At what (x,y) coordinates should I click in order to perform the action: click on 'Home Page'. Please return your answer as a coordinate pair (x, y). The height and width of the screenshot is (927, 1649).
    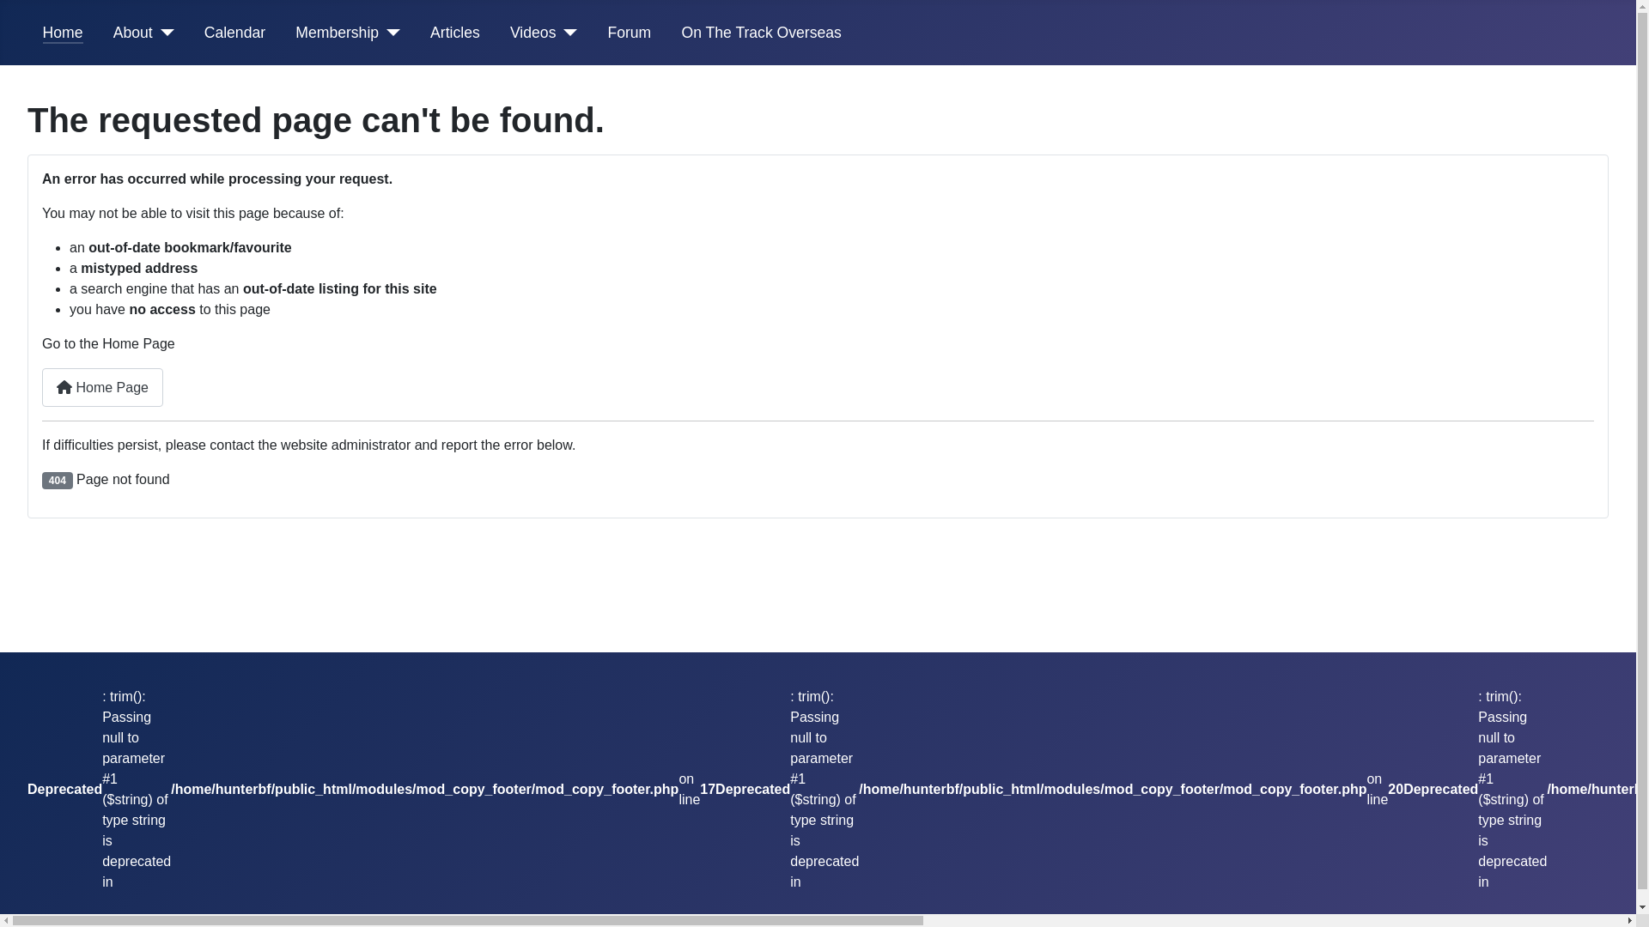
    Looking at the image, I should click on (41, 387).